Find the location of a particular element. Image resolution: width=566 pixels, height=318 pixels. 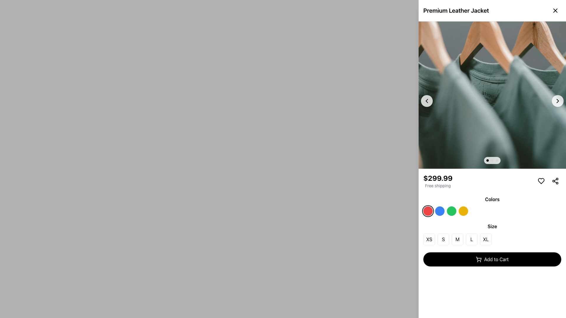

the price label displaying '$299.99', which is prominently styled in bold and large font, positioned at the top of a text cluster below an image of hanging green jackets is located at coordinates (438, 178).